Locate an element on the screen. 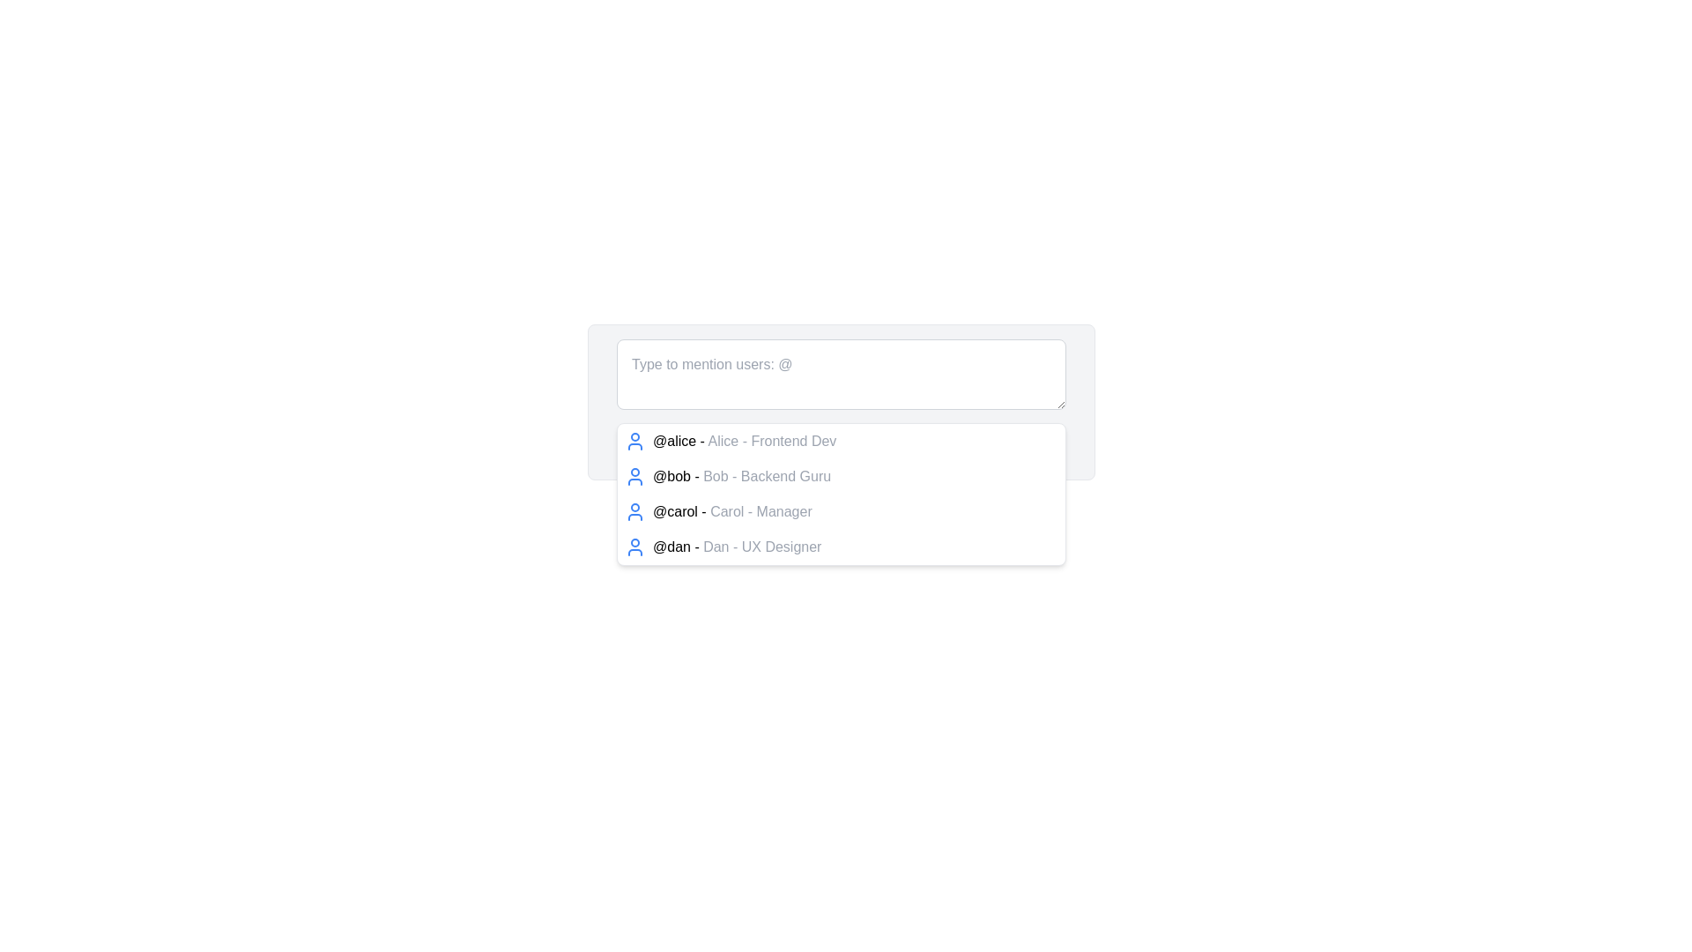 This screenshot has width=1692, height=952. the text label displaying '@carol - Carol - Manager' in the dropdown list is located at coordinates (732, 512).